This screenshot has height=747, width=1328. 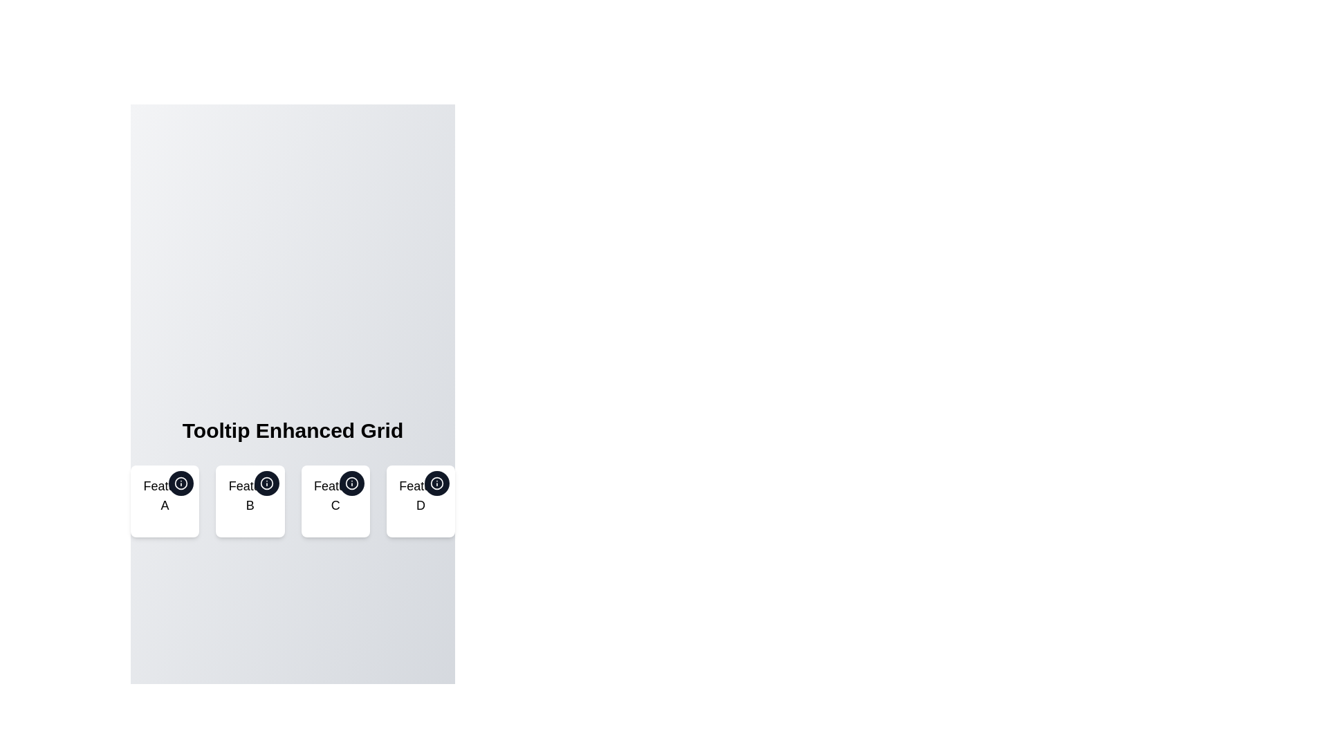 What do you see at coordinates (181, 482) in the screenshot?
I see `the circular information button with a dark background and white 'i' icon located at the top-right corner of the card labeled 'Feature A'` at bounding box center [181, 482].